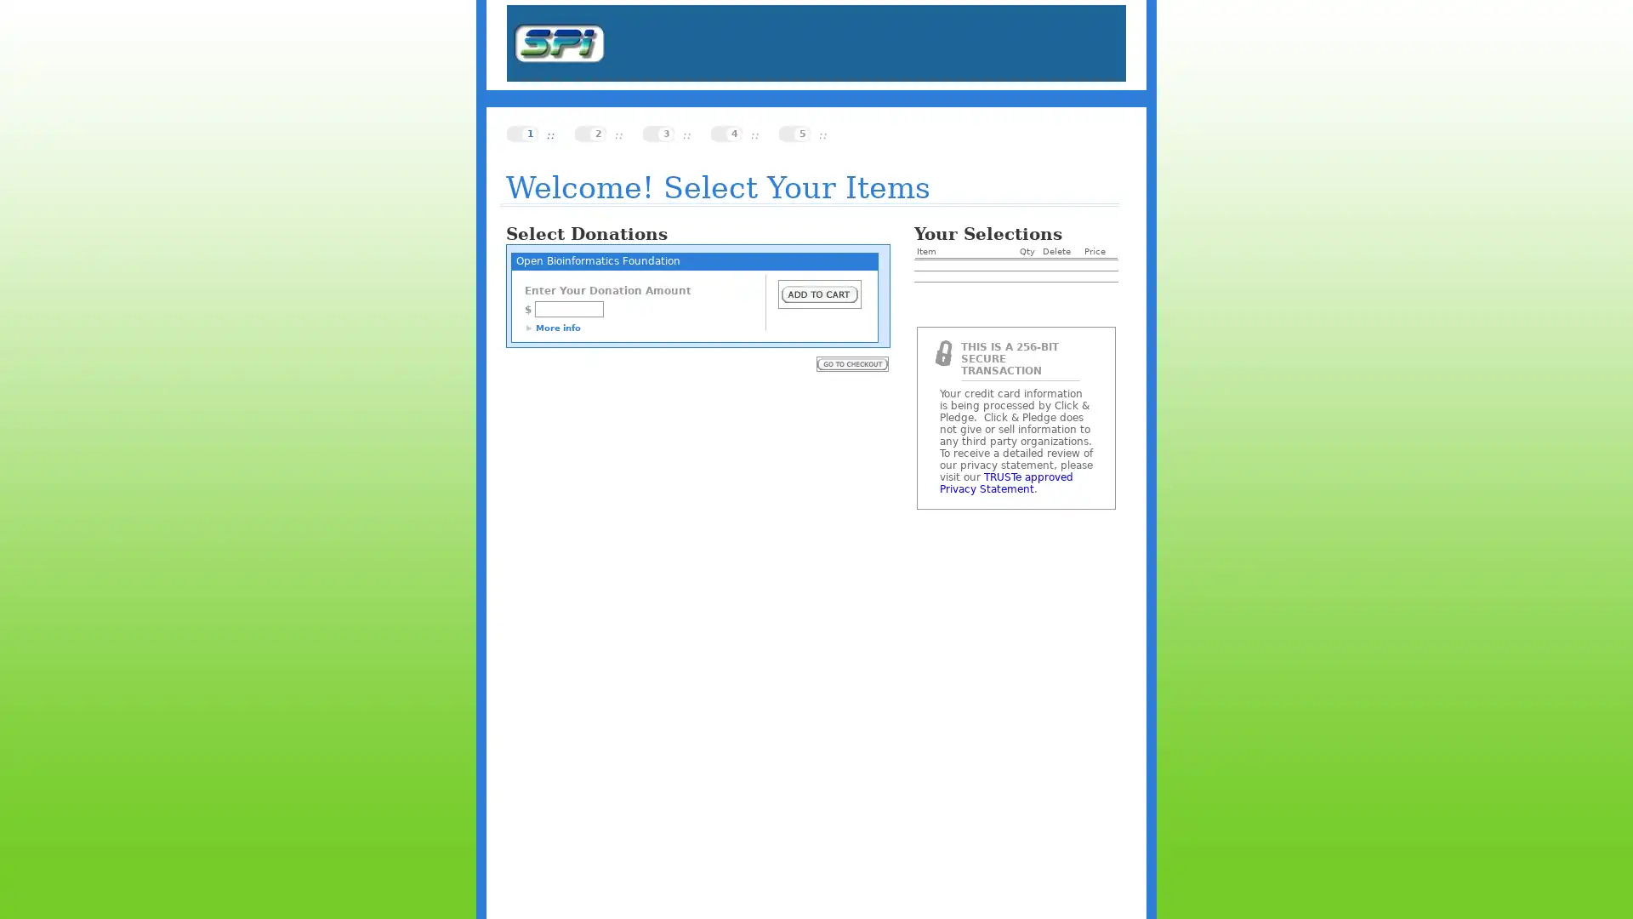  I want to click on Submit, so click(852, 363).